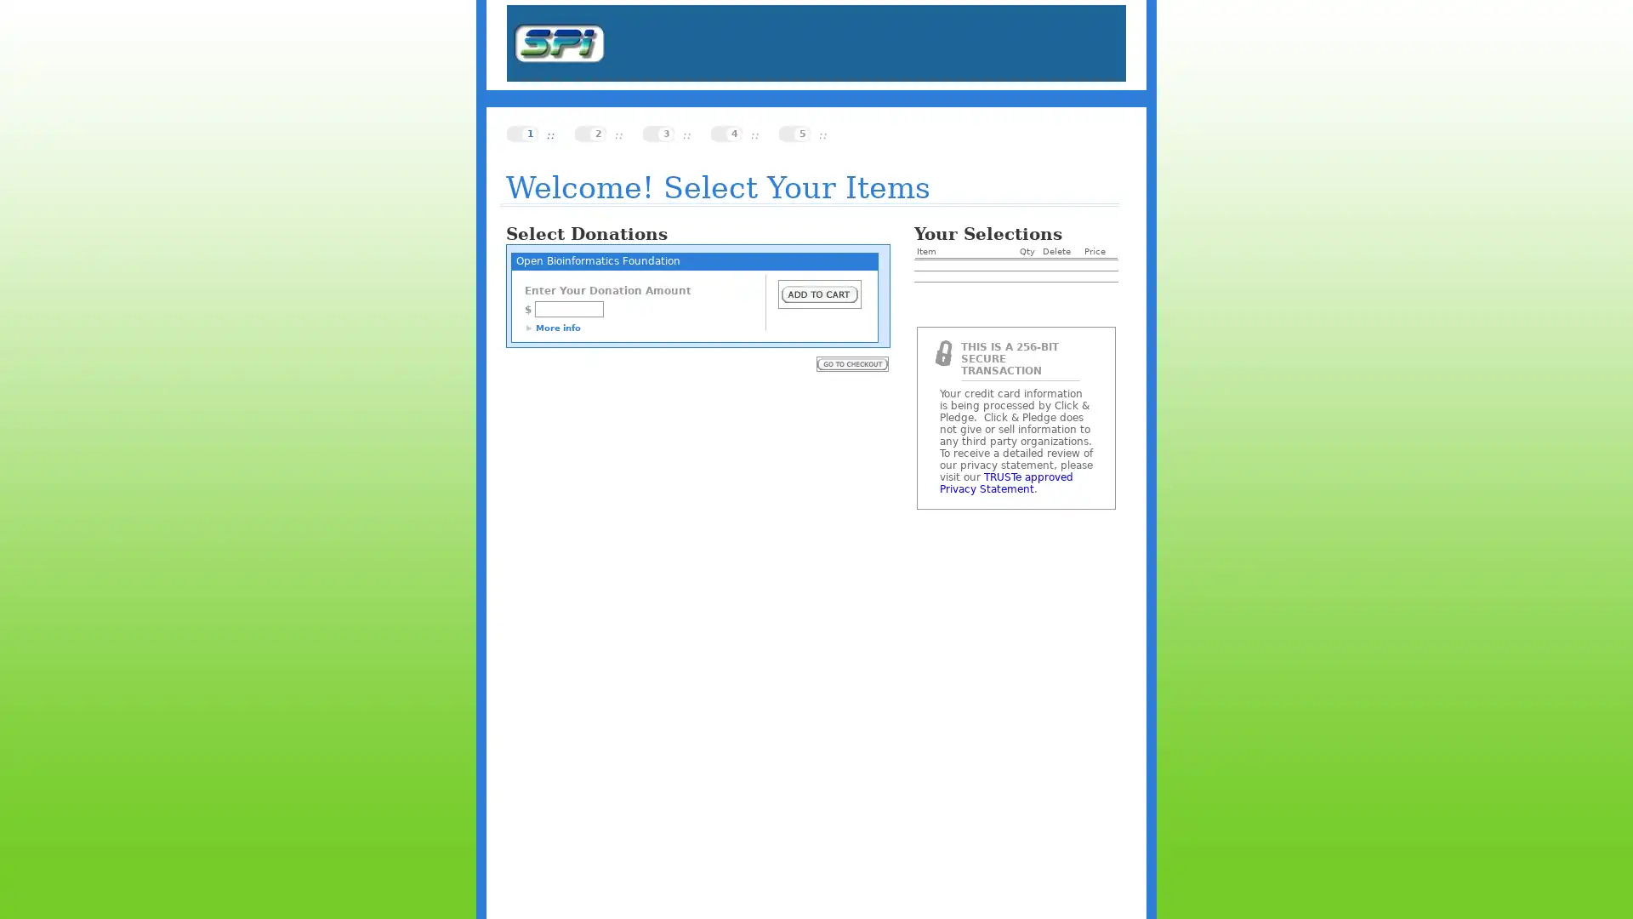  I want to click on Submit, so click(852, 363).